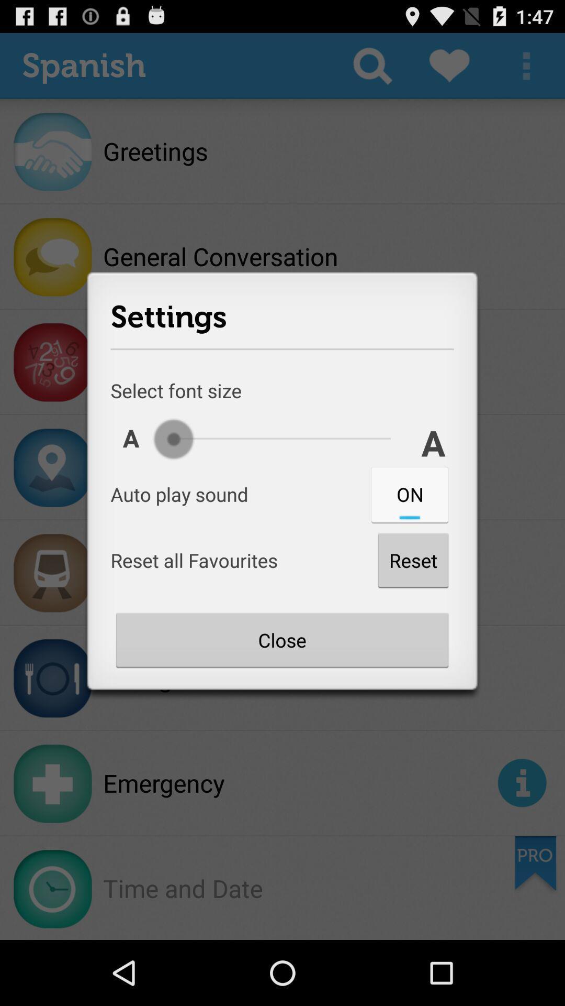  I want to click on item above reset button, so click(409, 494).